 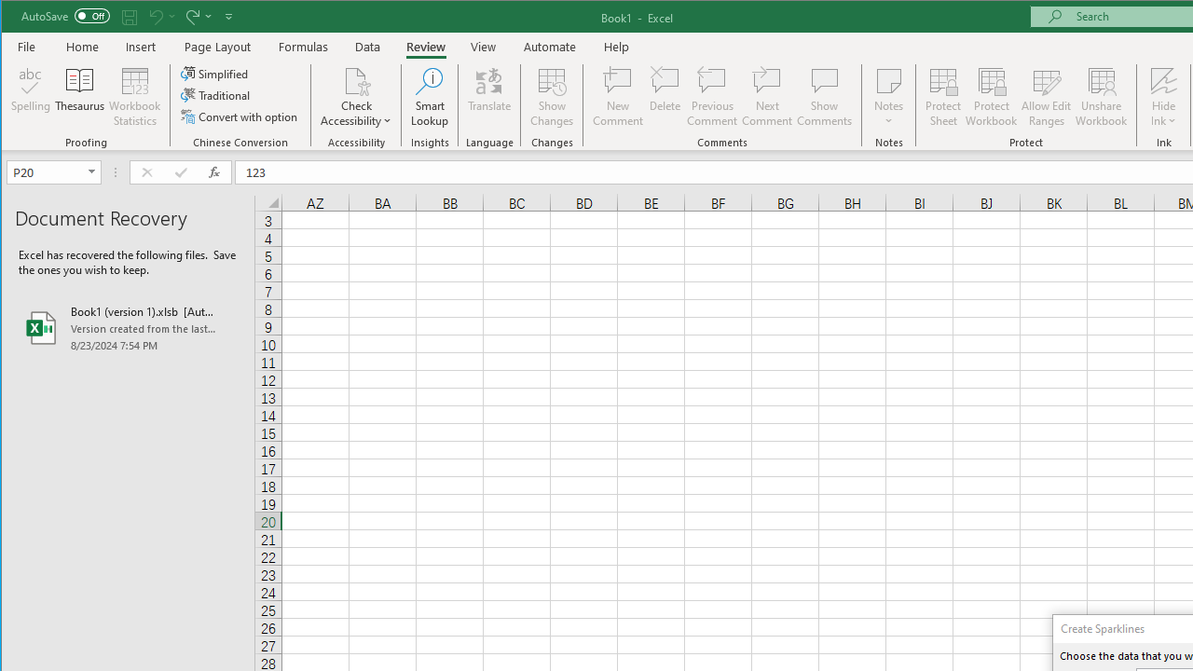 I want to click on 'Customize Quick Access Toolbar', so click(x=227, y=16).